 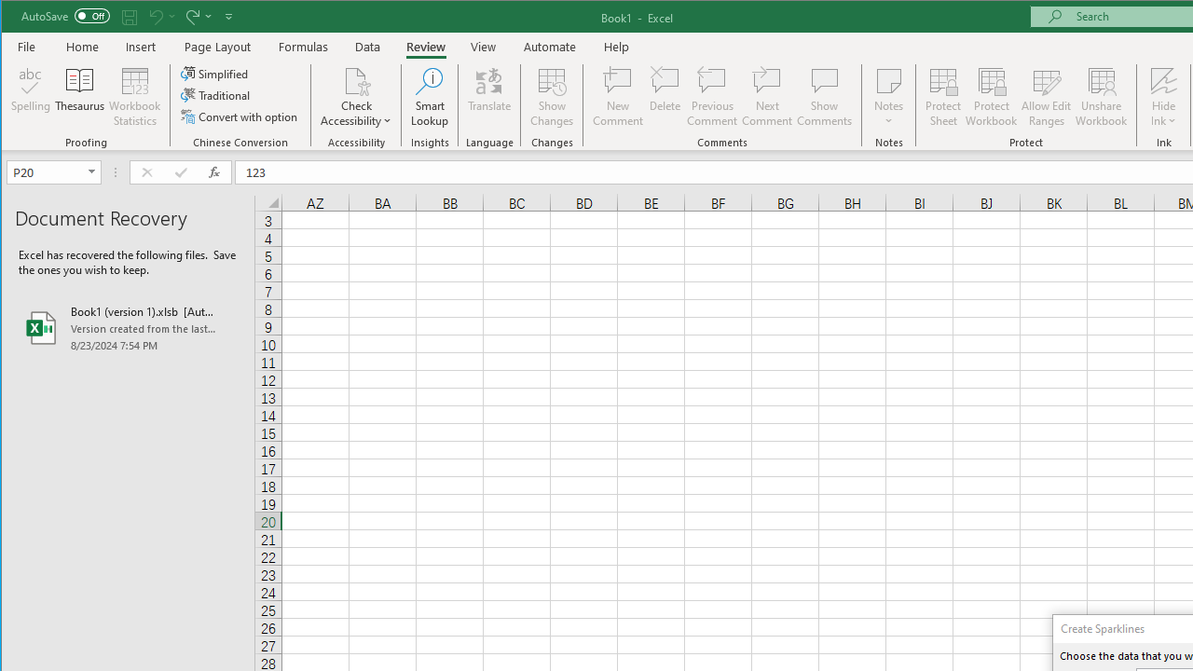 I want to click on 'Customize Quick Access Toolbar', so click(x=227, y=16).